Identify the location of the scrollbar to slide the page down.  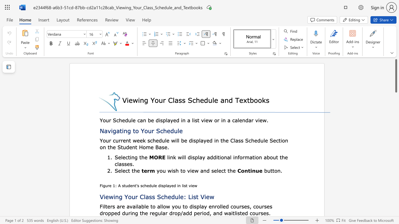
(396, 208).